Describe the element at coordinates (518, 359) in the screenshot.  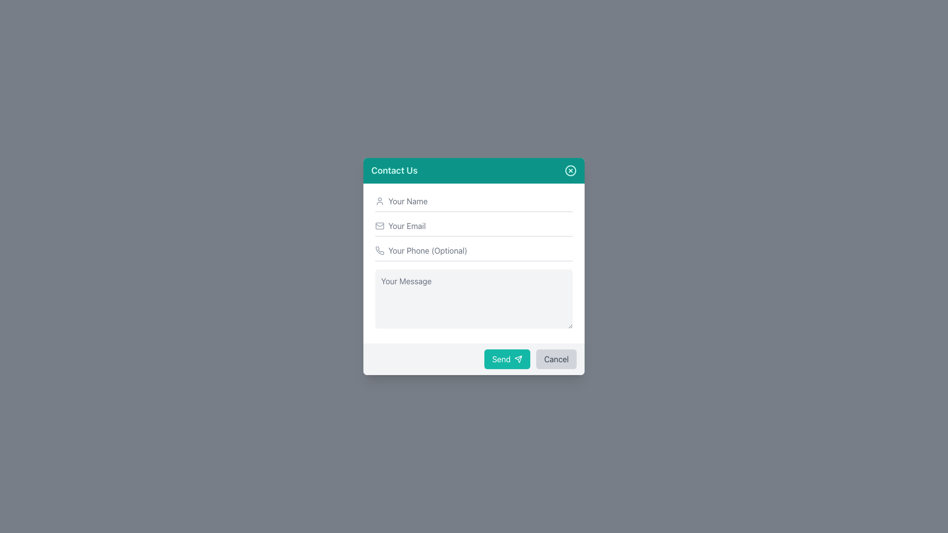
I see `the 'Send' button that contains a decorative icon resembling a stylized paper airplane, located at the bottom right corner of the contact form` at that location.